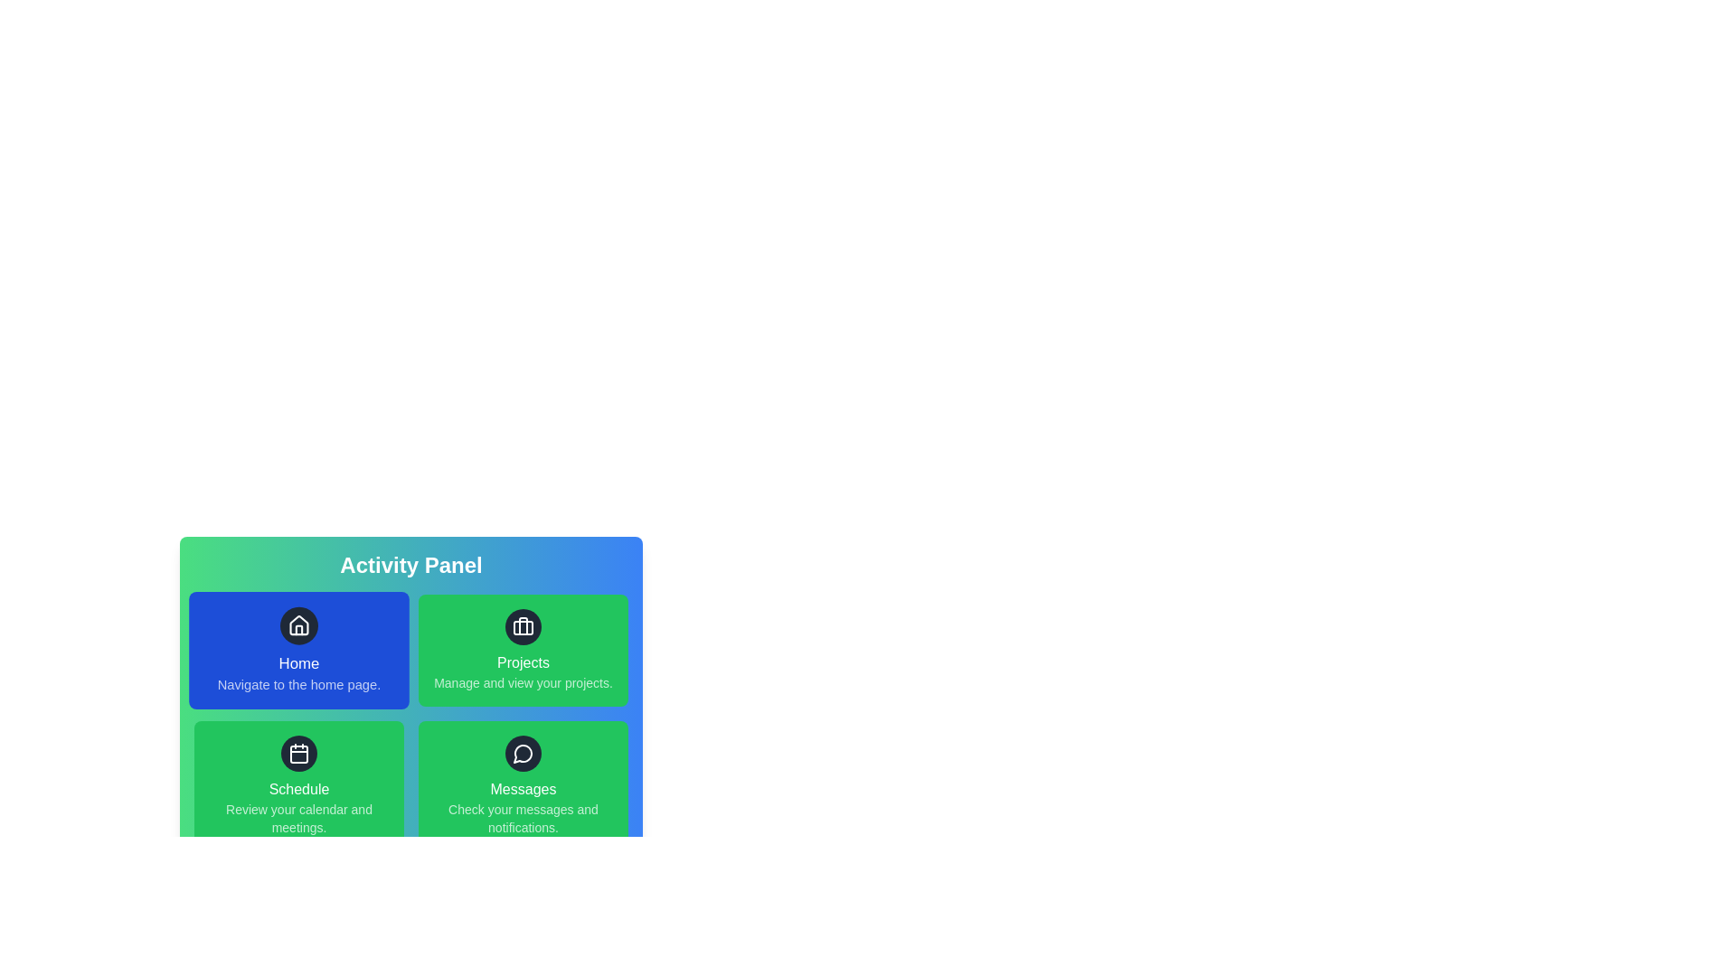 The image size is (1736, 976). Describe the element at coordinates (299, 785) in the screenshot. I see `the Schedule item in the Activity Panel` at that location.